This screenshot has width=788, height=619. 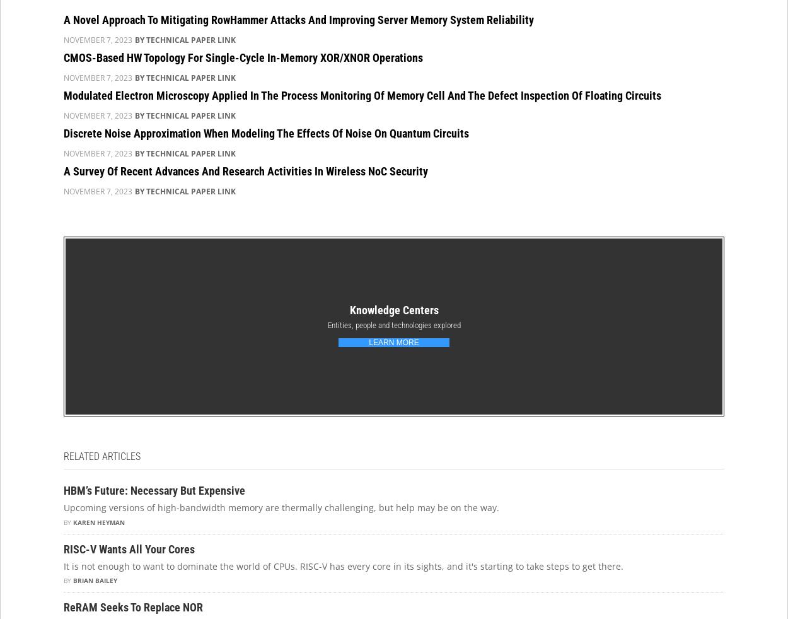 What do you see at coordinates (99, 521) in the screenshot?
I see `'Karen Heyman'` at bounding box center [99, 521].